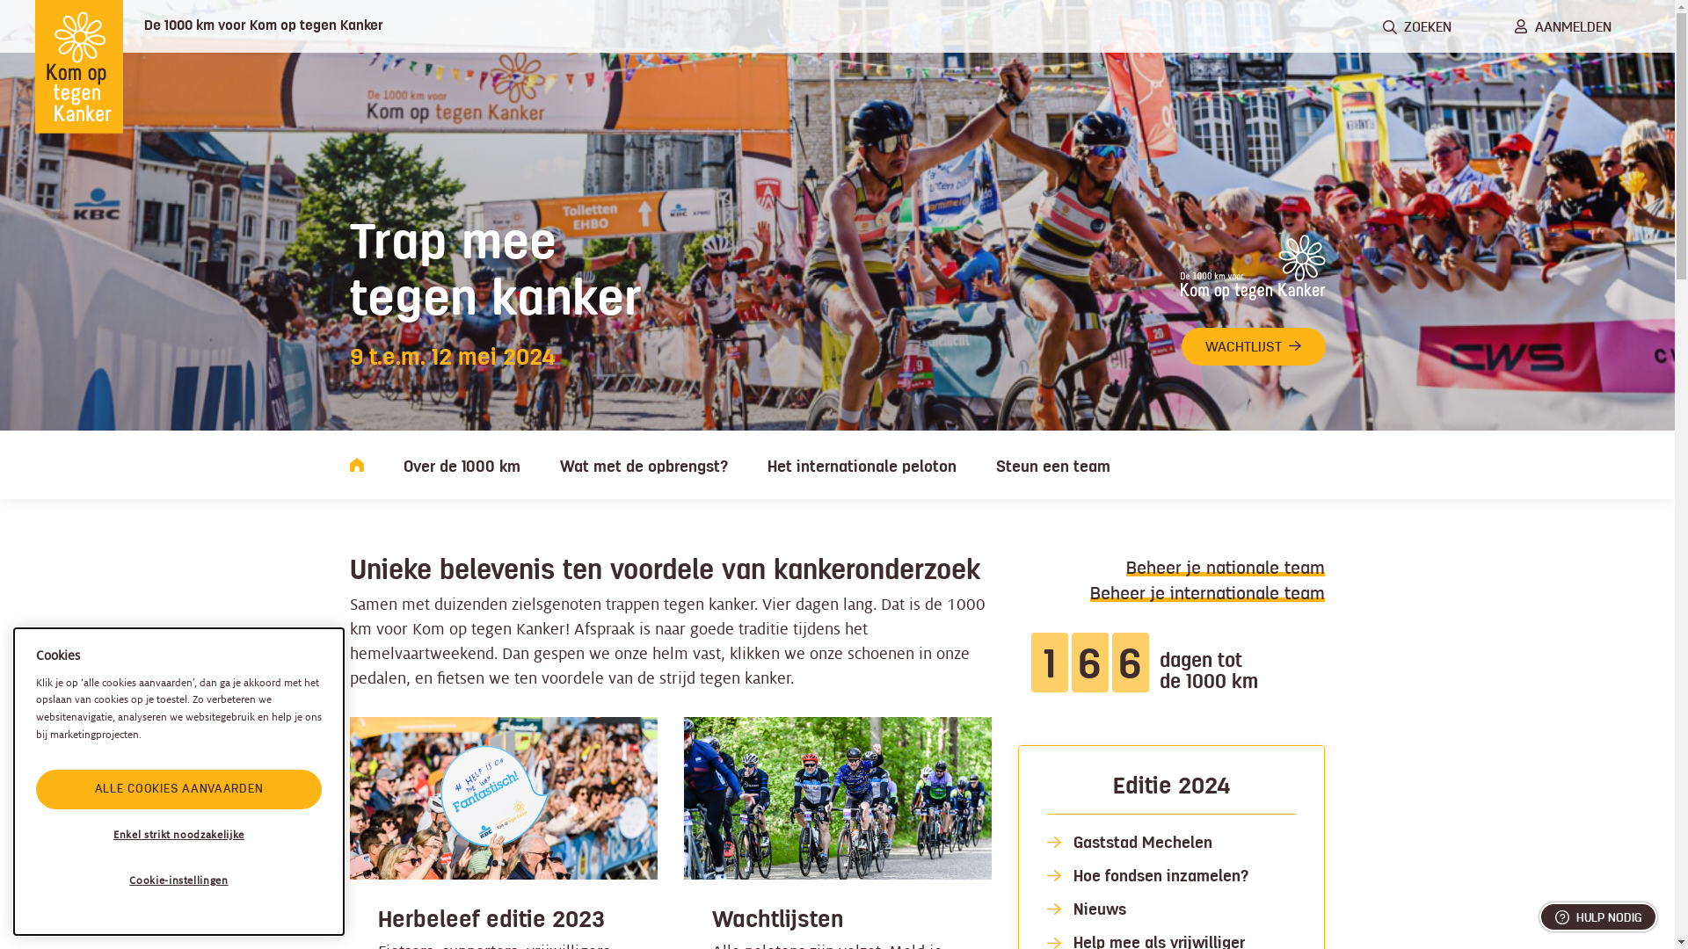  Describe the element at coordinates (1224, 567) in the screenshot. I see `'Beheer je nationale team'` at that location.